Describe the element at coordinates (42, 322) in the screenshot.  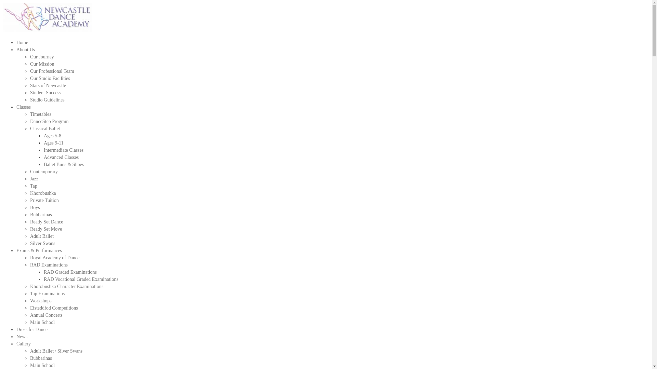
I see `'Main School'` at that location.